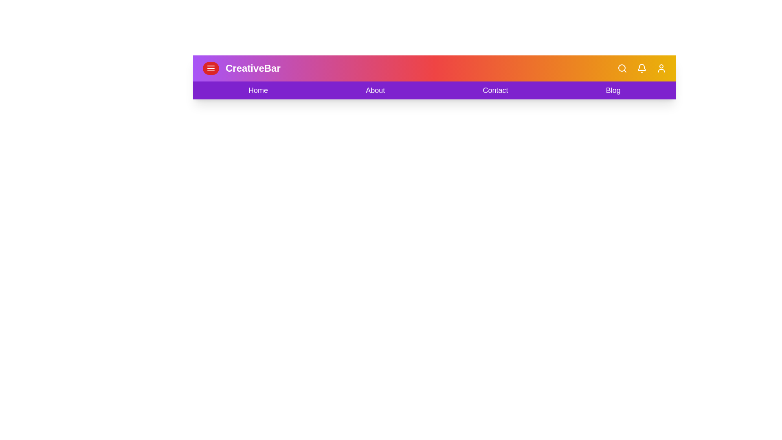  Describe the element at coordinates (257, 90) in the screenshot. I see `the navigation menu item Home` at that location.